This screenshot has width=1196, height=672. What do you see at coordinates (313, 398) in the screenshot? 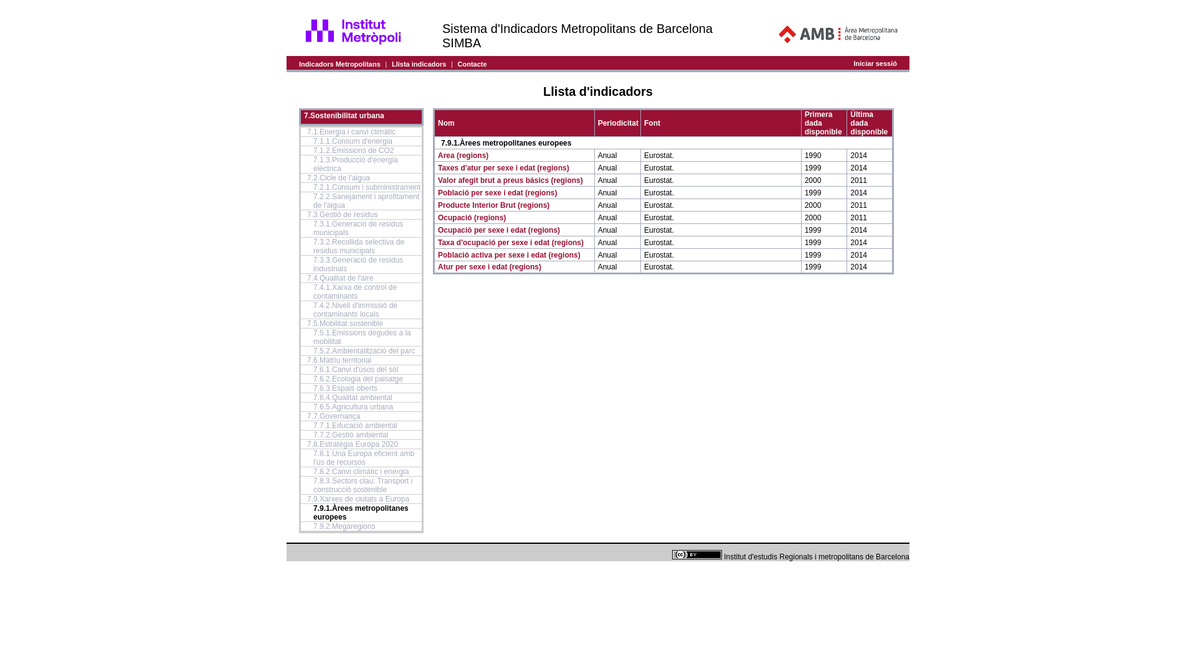
I see `'7.6.4.Qualitat ambiental'` at bounding box center [313, 398].